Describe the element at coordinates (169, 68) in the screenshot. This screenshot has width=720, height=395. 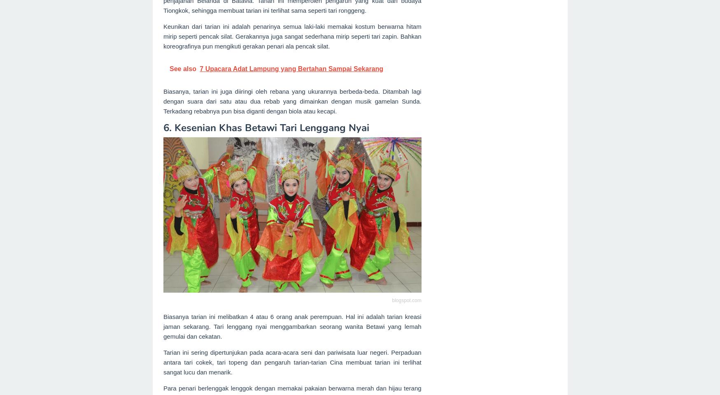
I see `'See also'` at that location.